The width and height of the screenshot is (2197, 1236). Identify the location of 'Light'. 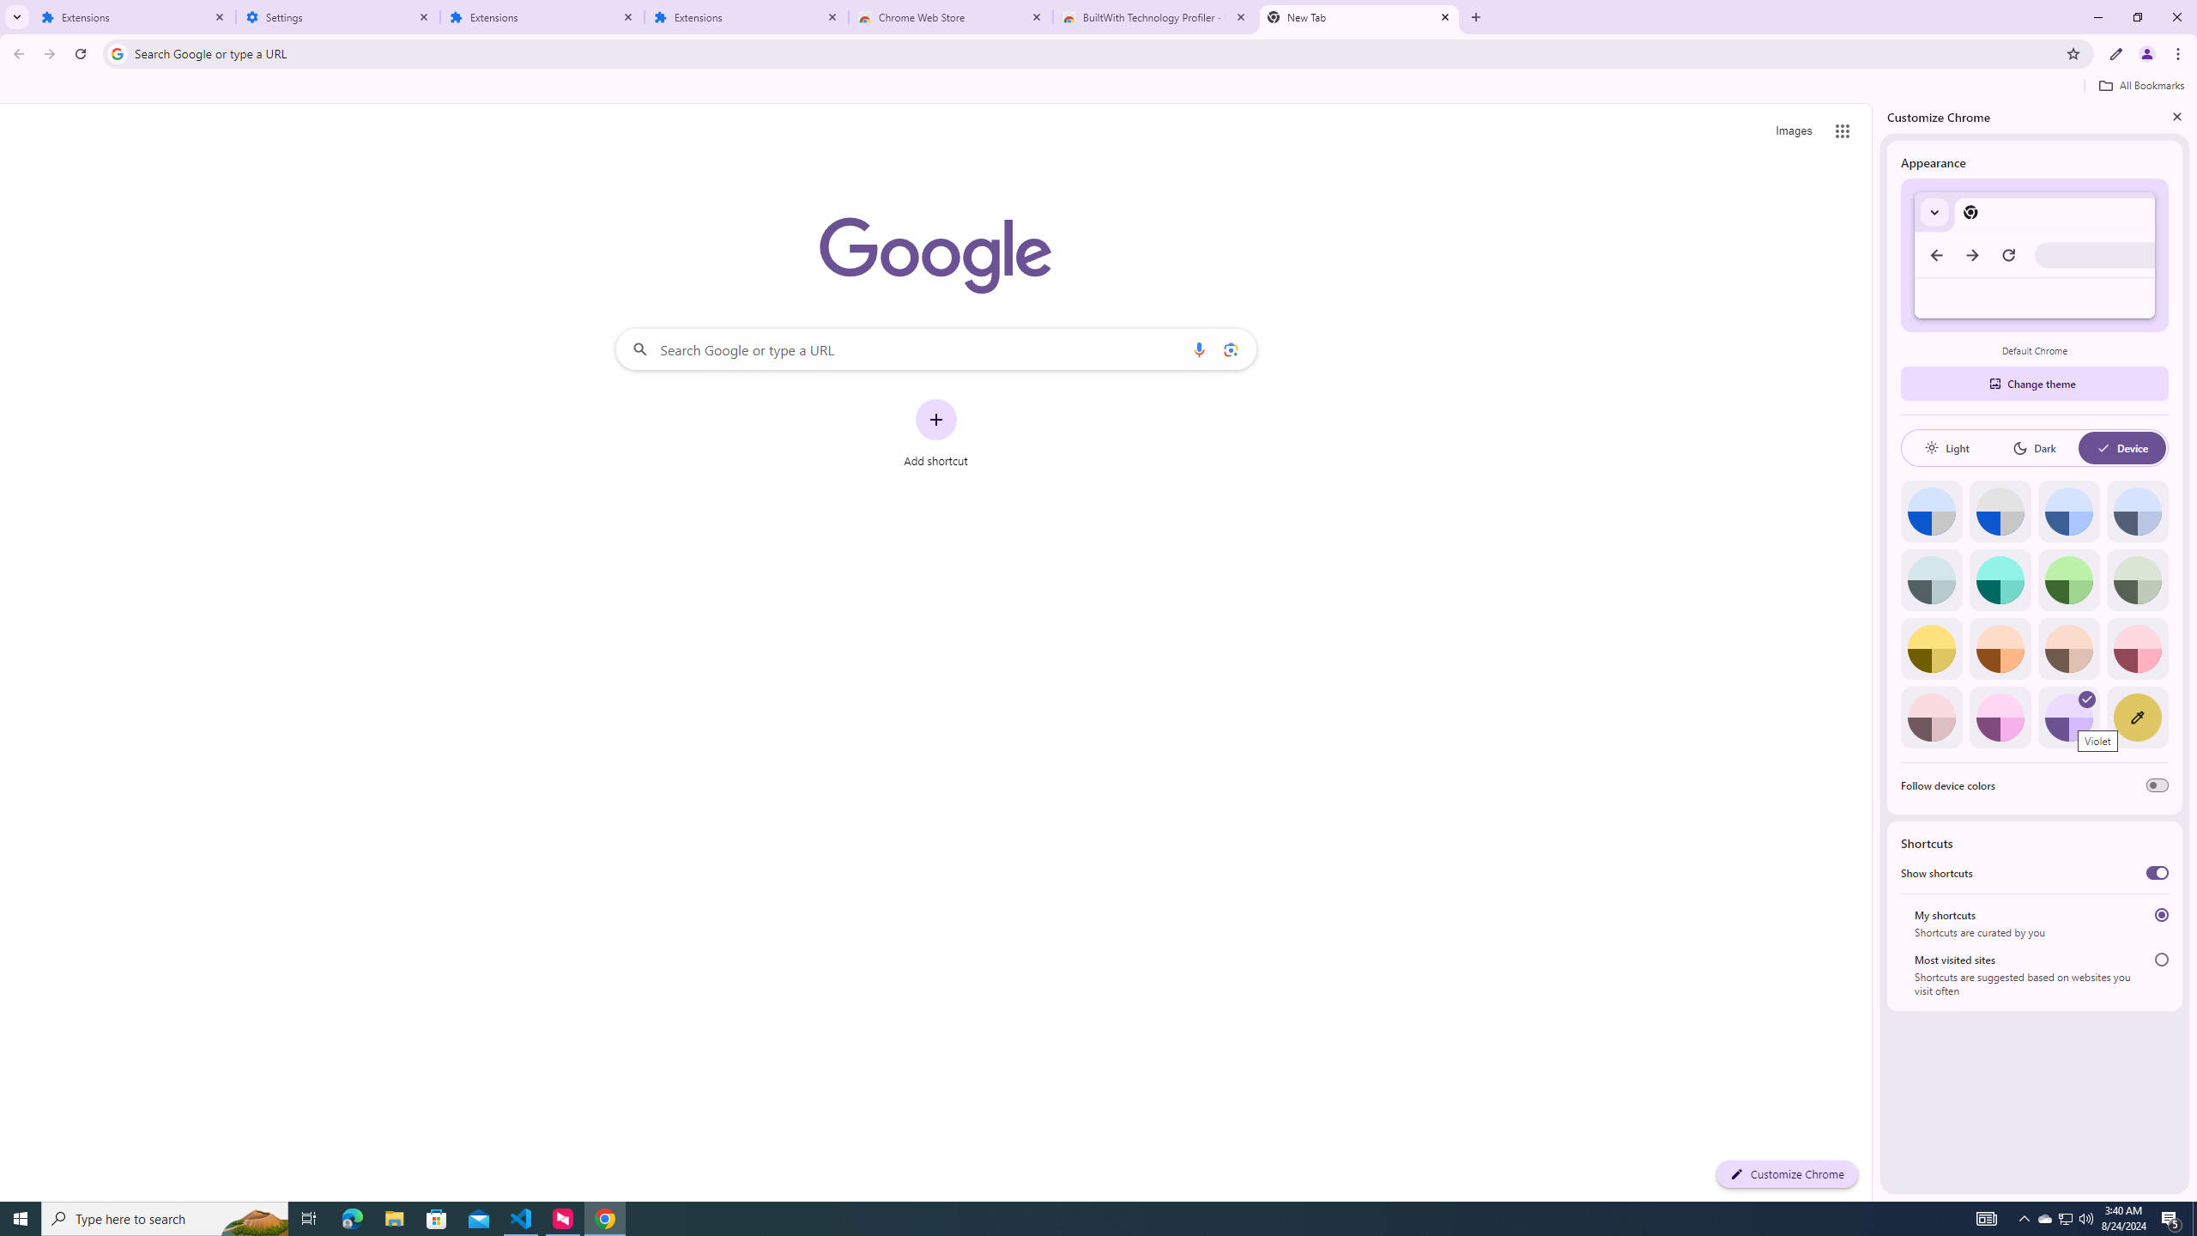
(1946, 447).